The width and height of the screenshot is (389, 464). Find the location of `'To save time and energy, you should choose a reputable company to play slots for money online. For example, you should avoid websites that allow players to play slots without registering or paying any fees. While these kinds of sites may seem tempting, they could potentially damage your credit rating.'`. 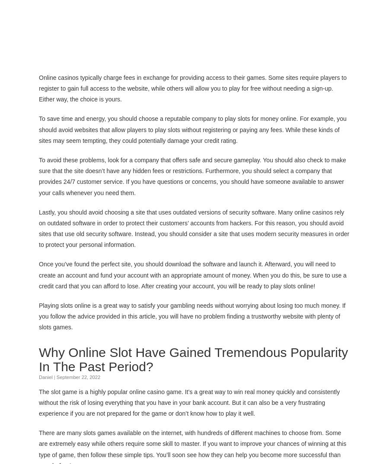

'To save time and energy, you should choose a reputable company to play slots for money online. For example, you should avoid websites that allow players to play slots without registering or paying any fees. While these kinds of sites may seem tempting, they could potentially damage your credit rating.' is located at coordinates (192, 129).